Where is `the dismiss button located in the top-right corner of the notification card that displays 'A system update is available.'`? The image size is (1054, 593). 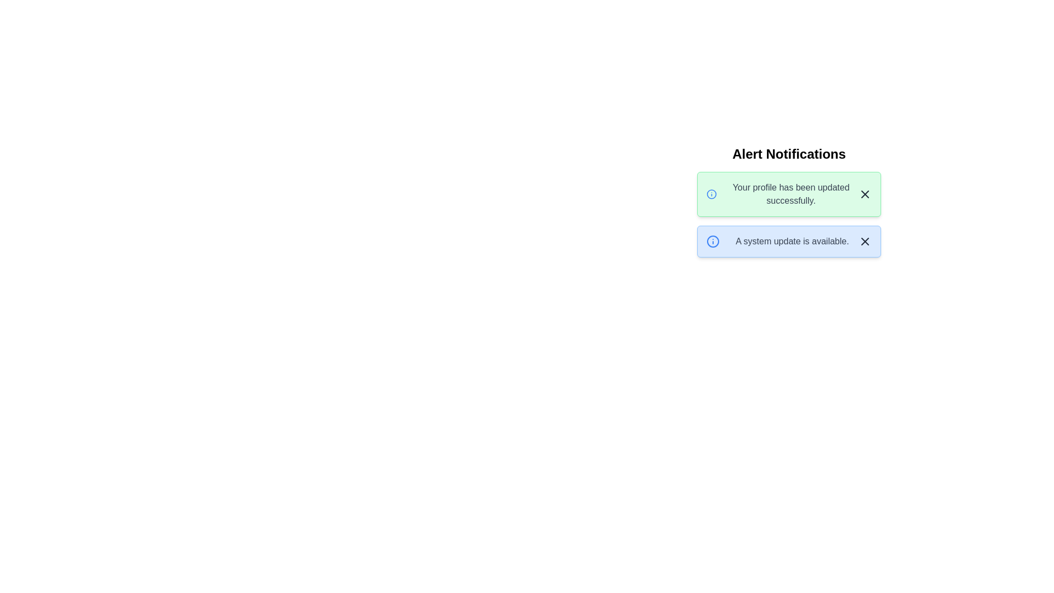
the dismiss button located in the top-right corner of the notification card that displays 'A system update is available.' is located at coordinates (864, 240).